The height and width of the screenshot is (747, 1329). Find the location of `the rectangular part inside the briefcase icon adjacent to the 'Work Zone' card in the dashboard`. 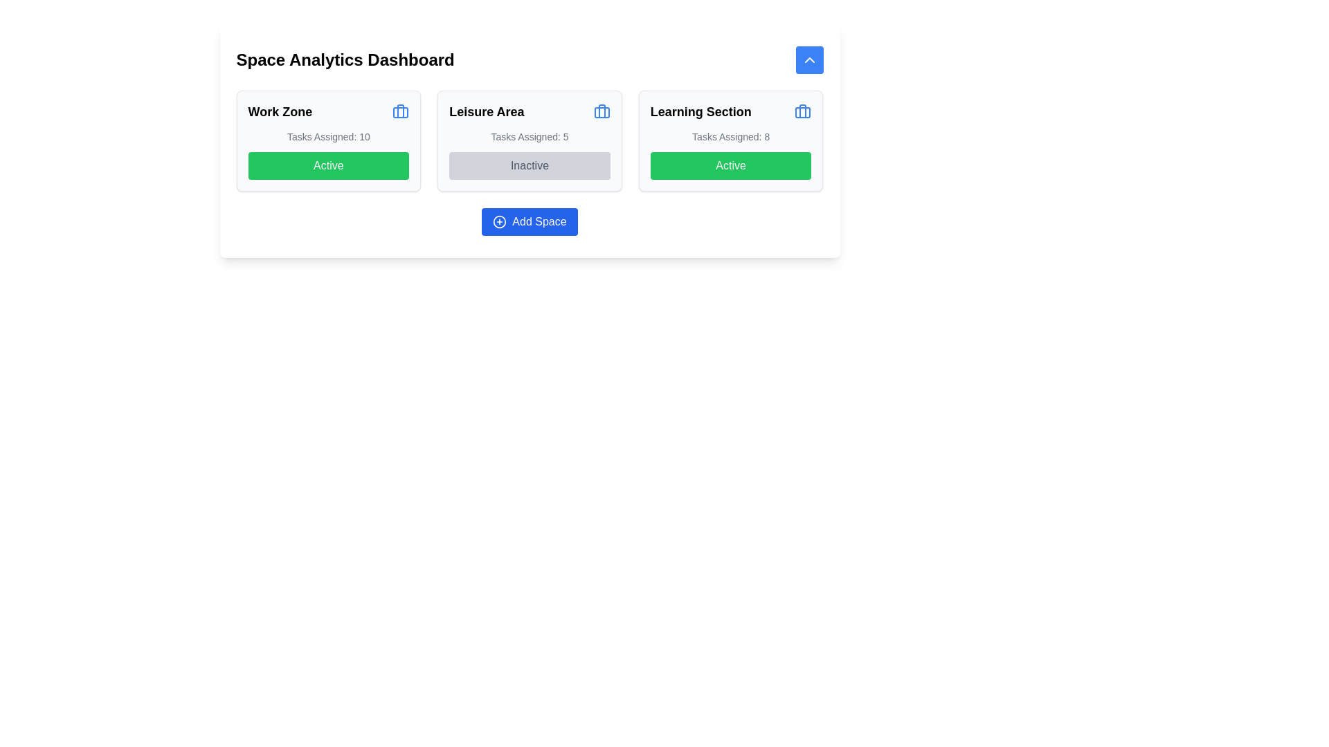

the rectangular part inside the briefcase icon adjacent to the 'Work Zone' card in the dashboard is located at coordinates (400, 111).